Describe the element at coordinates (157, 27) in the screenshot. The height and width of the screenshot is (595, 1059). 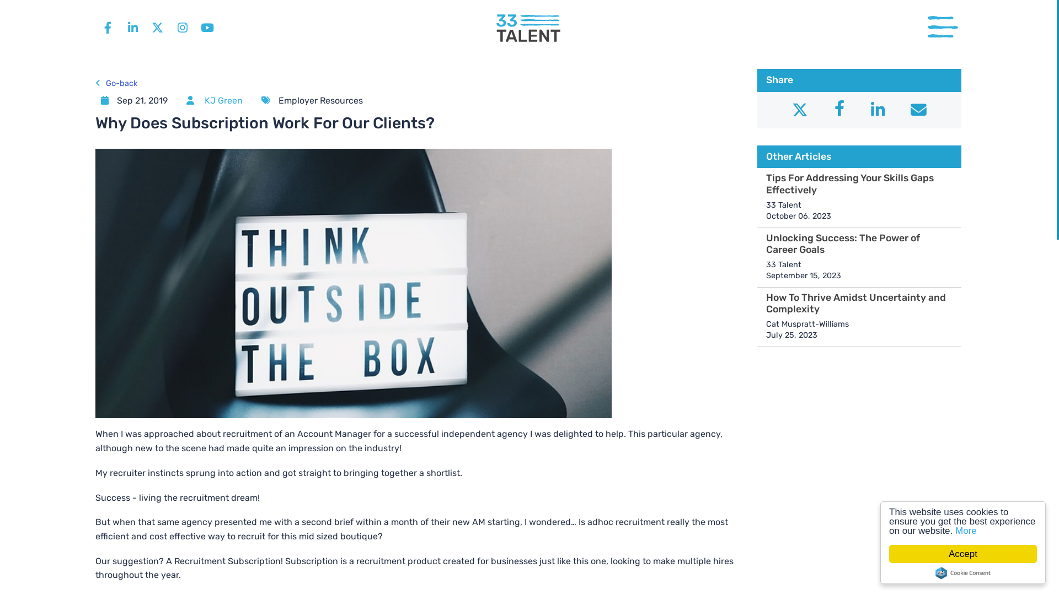
I see `'twitter'` at that location.